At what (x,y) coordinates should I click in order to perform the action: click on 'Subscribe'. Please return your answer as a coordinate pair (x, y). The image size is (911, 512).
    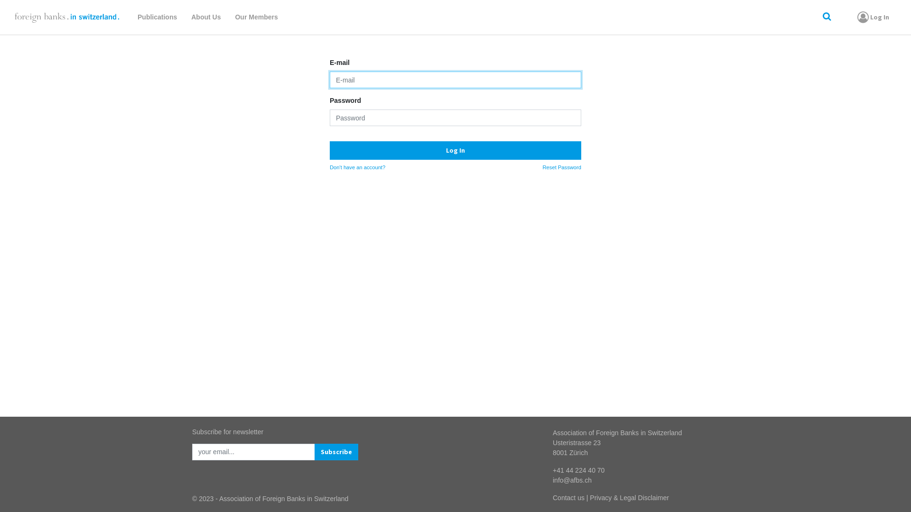
    Looking at the image, I should click on (336, 451).